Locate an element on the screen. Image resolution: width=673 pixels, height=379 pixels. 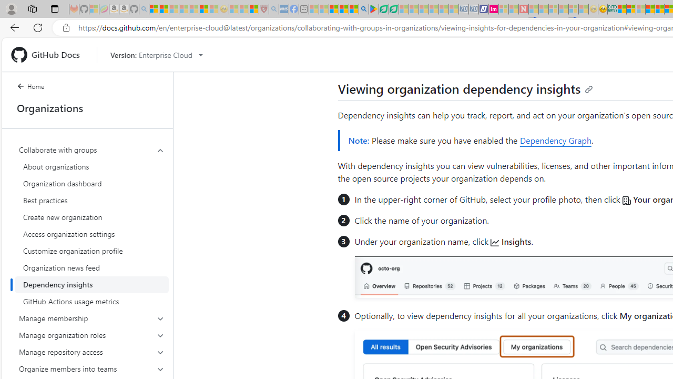
'Dependency Graph' is located at coordinates (555, 140).